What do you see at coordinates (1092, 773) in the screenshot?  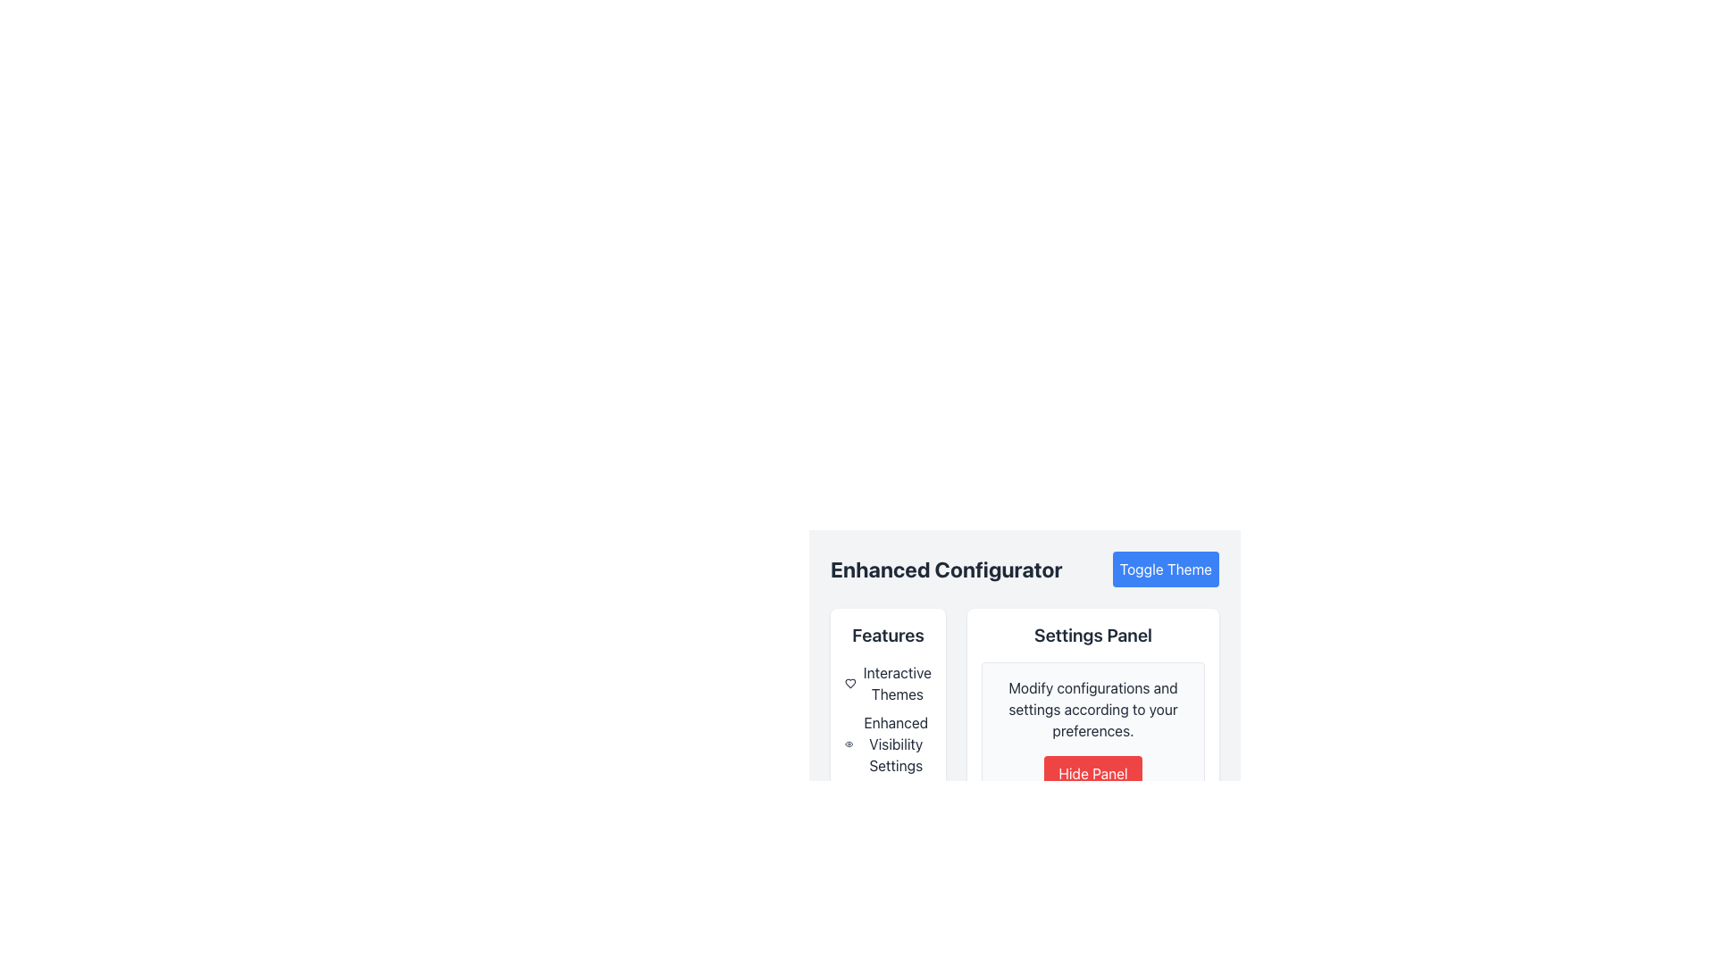 I see `the button located at the bottom of the 'Modify configurations and settings according to your preferences.' text section within the 'Settings Panel'` at bounding box center [1092, 773].